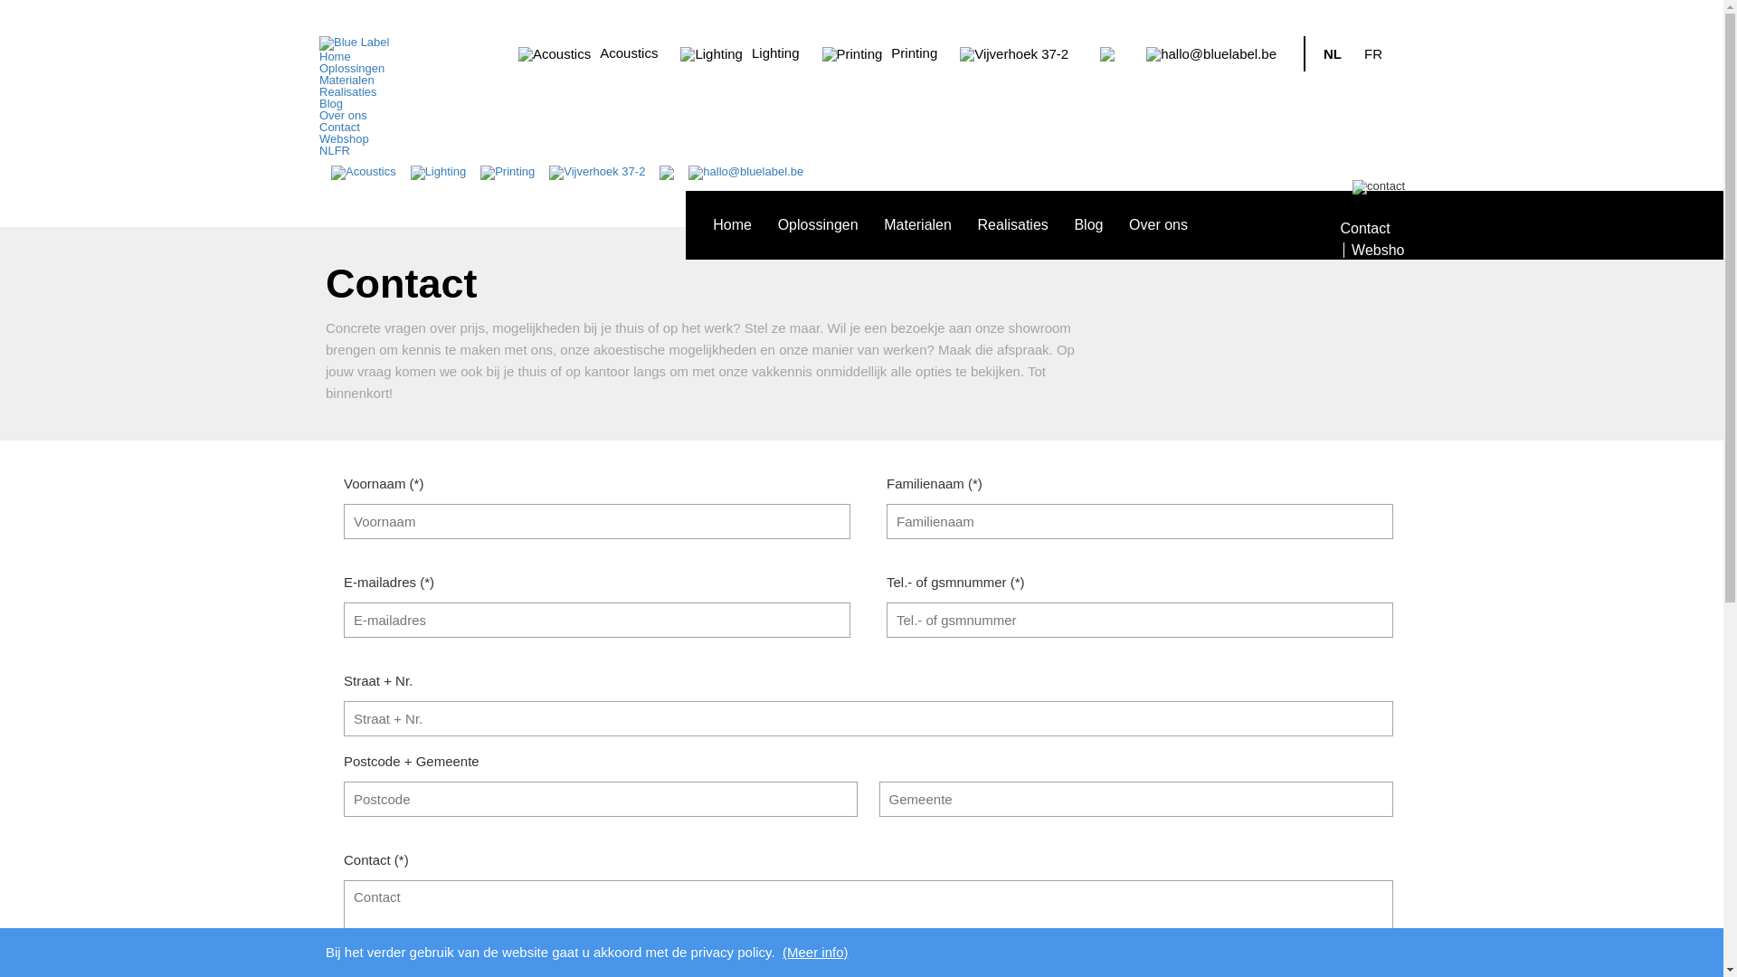  I want to click on 'Over ons', so click(1128, 223).